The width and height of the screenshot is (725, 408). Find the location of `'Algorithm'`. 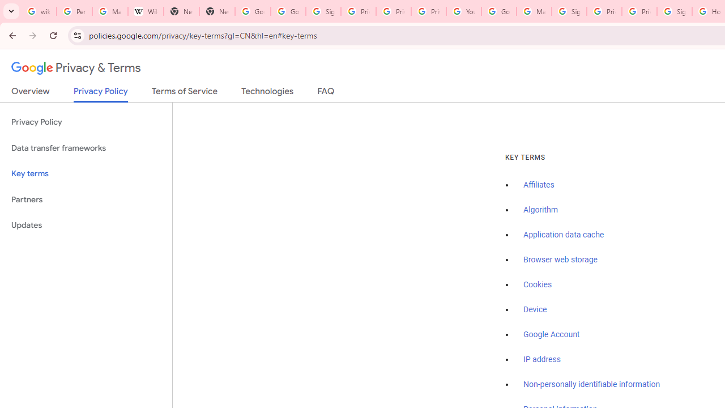

'Algorithm' is located at coordinates (540, 210).